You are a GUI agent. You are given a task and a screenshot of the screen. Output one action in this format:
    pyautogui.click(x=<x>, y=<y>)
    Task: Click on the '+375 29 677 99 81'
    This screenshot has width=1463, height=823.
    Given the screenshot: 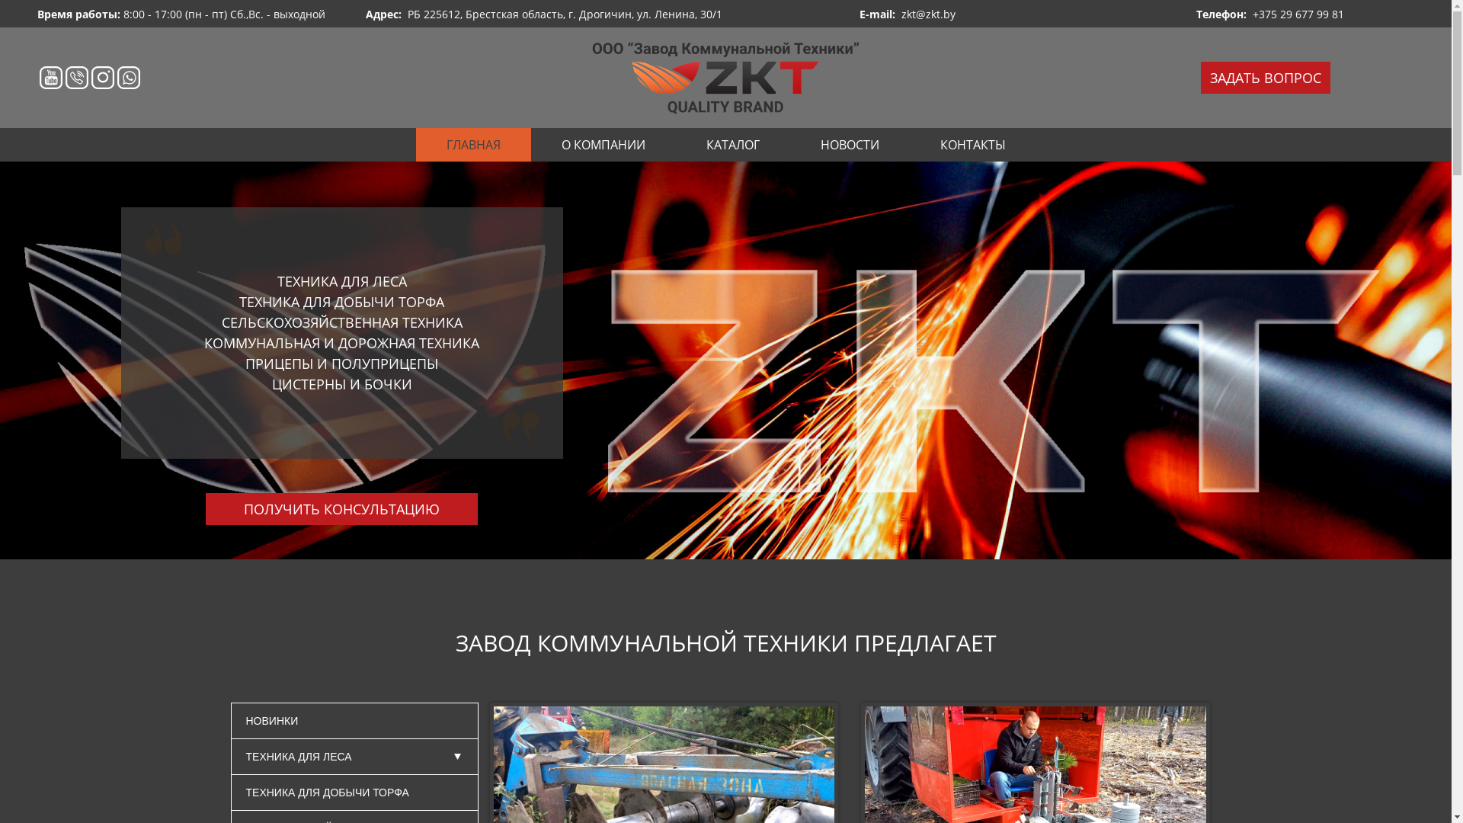 What is the action you would take?
    pyautogui.click(x=1298, y=14)
    